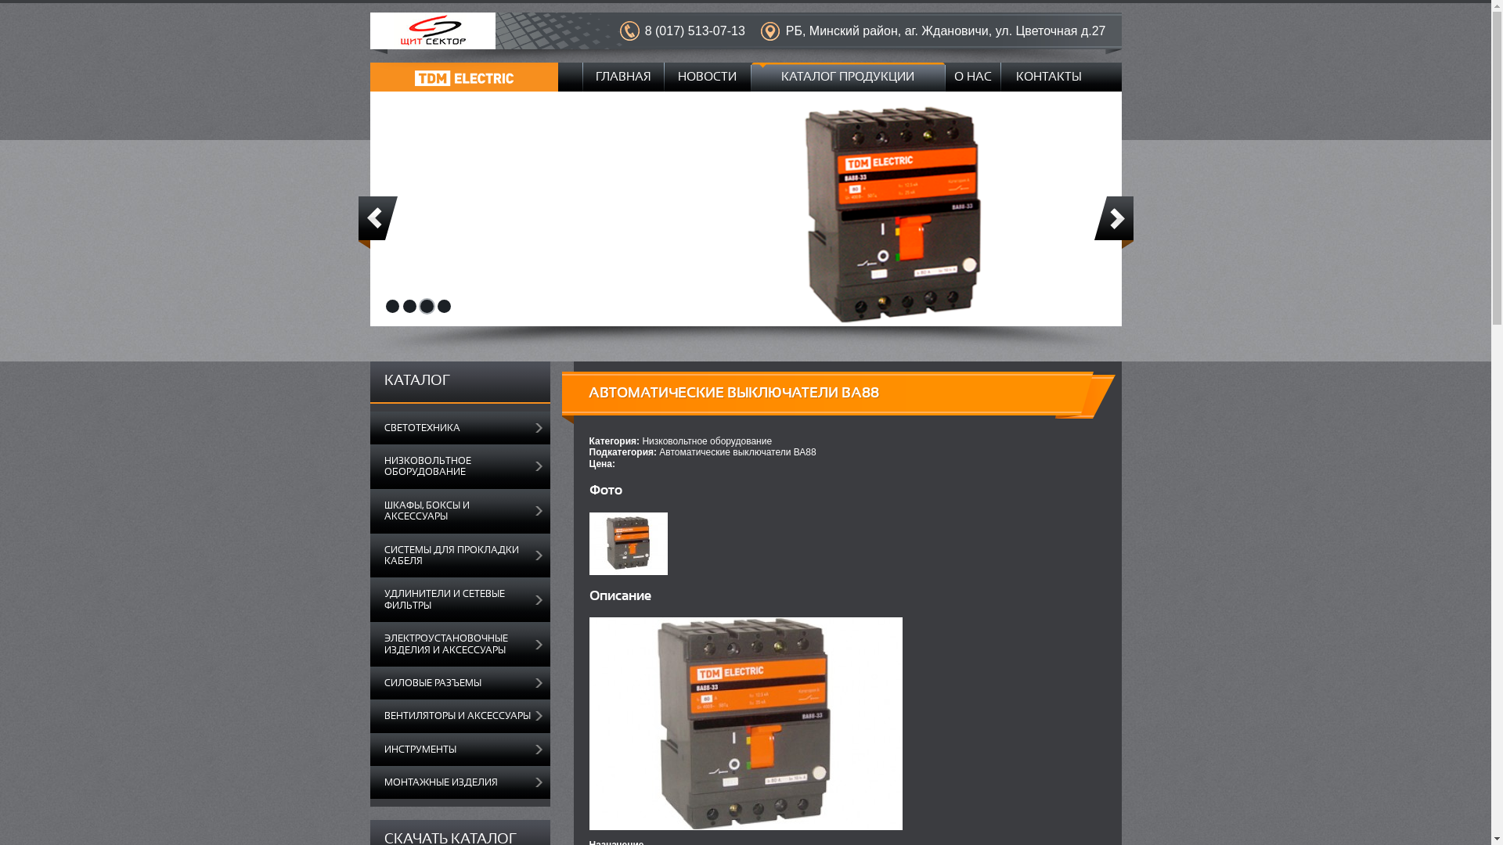 This screenshot has height=845, width=1503. I want to click on 'Prev', so click(378, 222).